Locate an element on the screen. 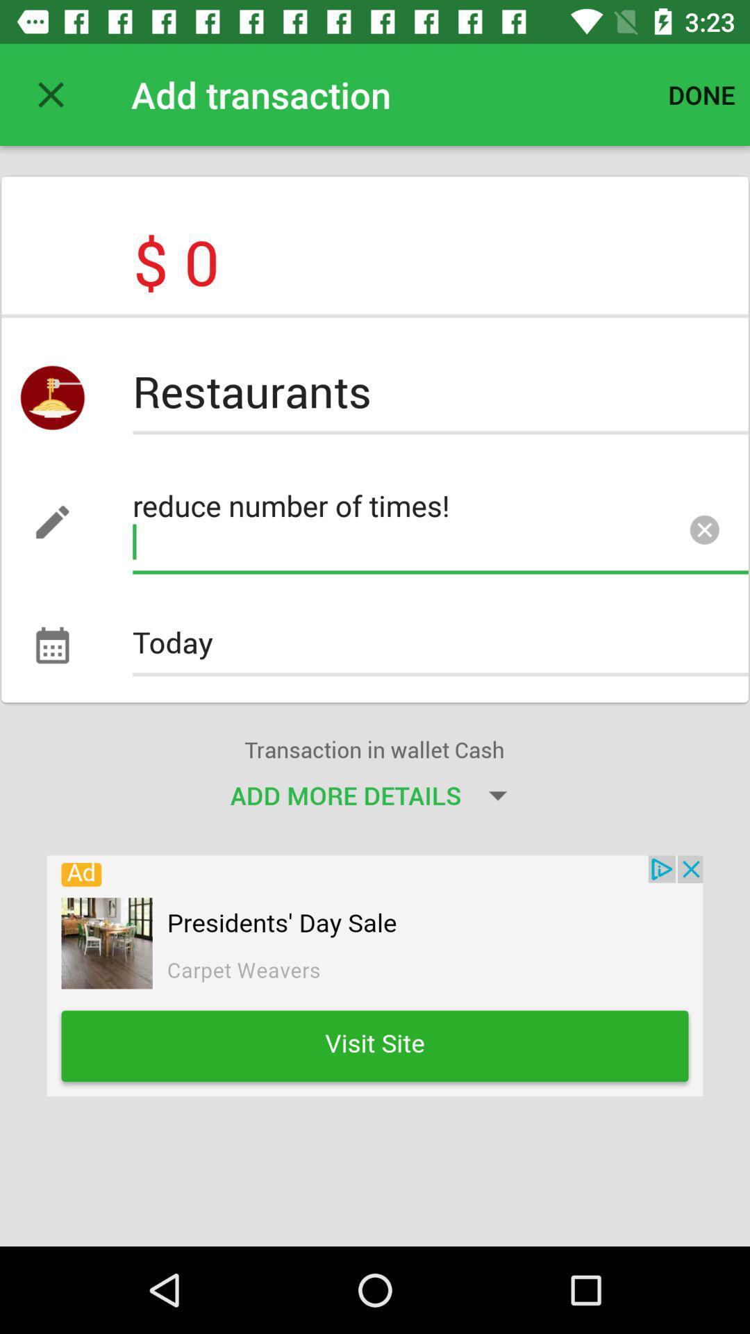 The image size is (750, 1334). exit is located at coordinates (50, 94).